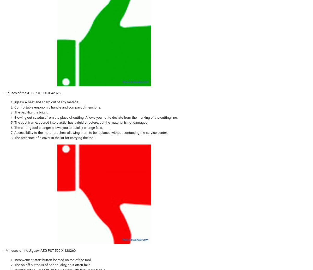  I want to click on 'The on-off button is of poor quality, so it often fails.', so click(14, 265).